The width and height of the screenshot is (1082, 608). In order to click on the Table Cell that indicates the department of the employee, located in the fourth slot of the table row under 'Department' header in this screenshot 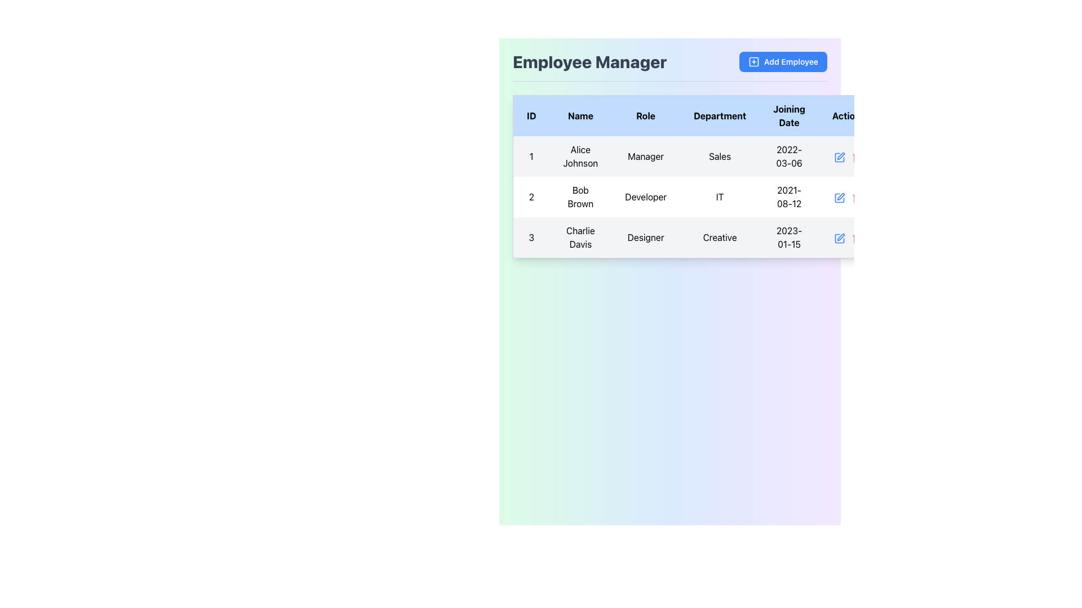, I will do `click(719, 156)`.